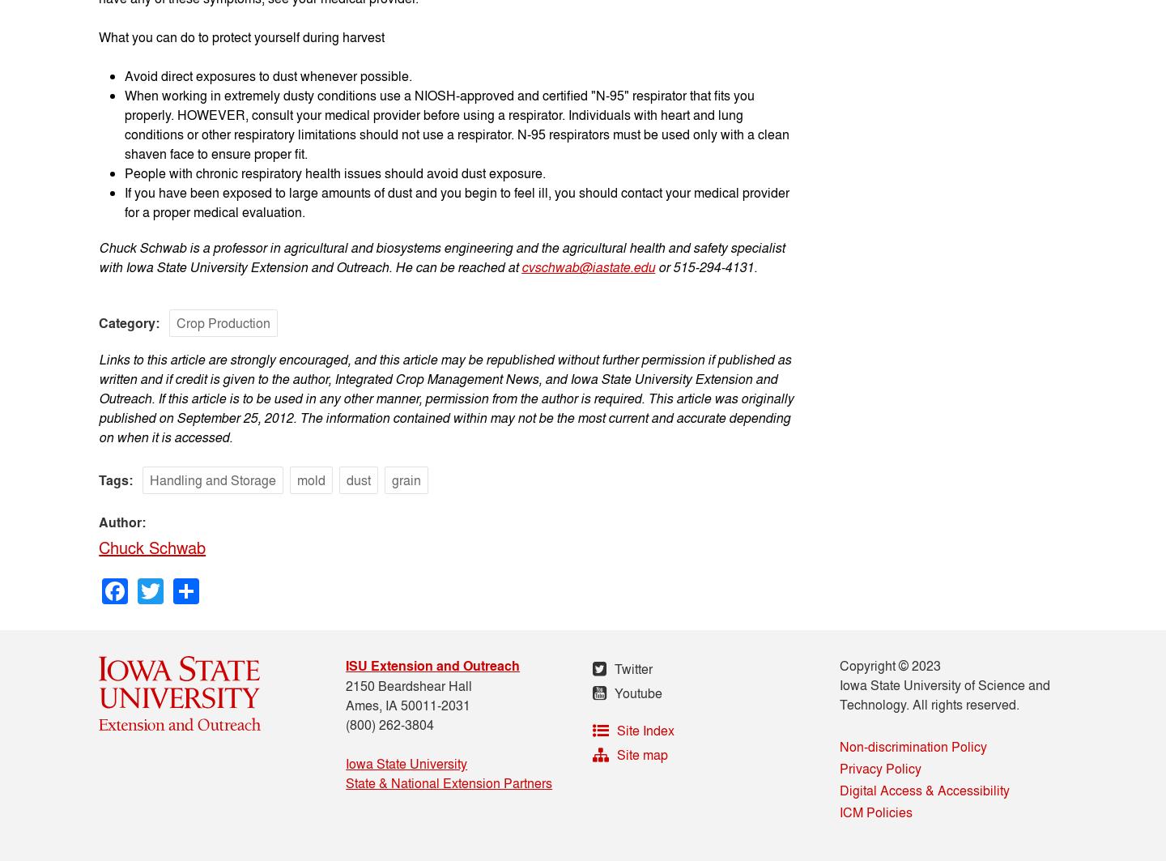 The height and width of the screenshot is (861, 1166). Describe the element at coordinates (233, 583) in the screenshot. I see `'Share'` at that location.